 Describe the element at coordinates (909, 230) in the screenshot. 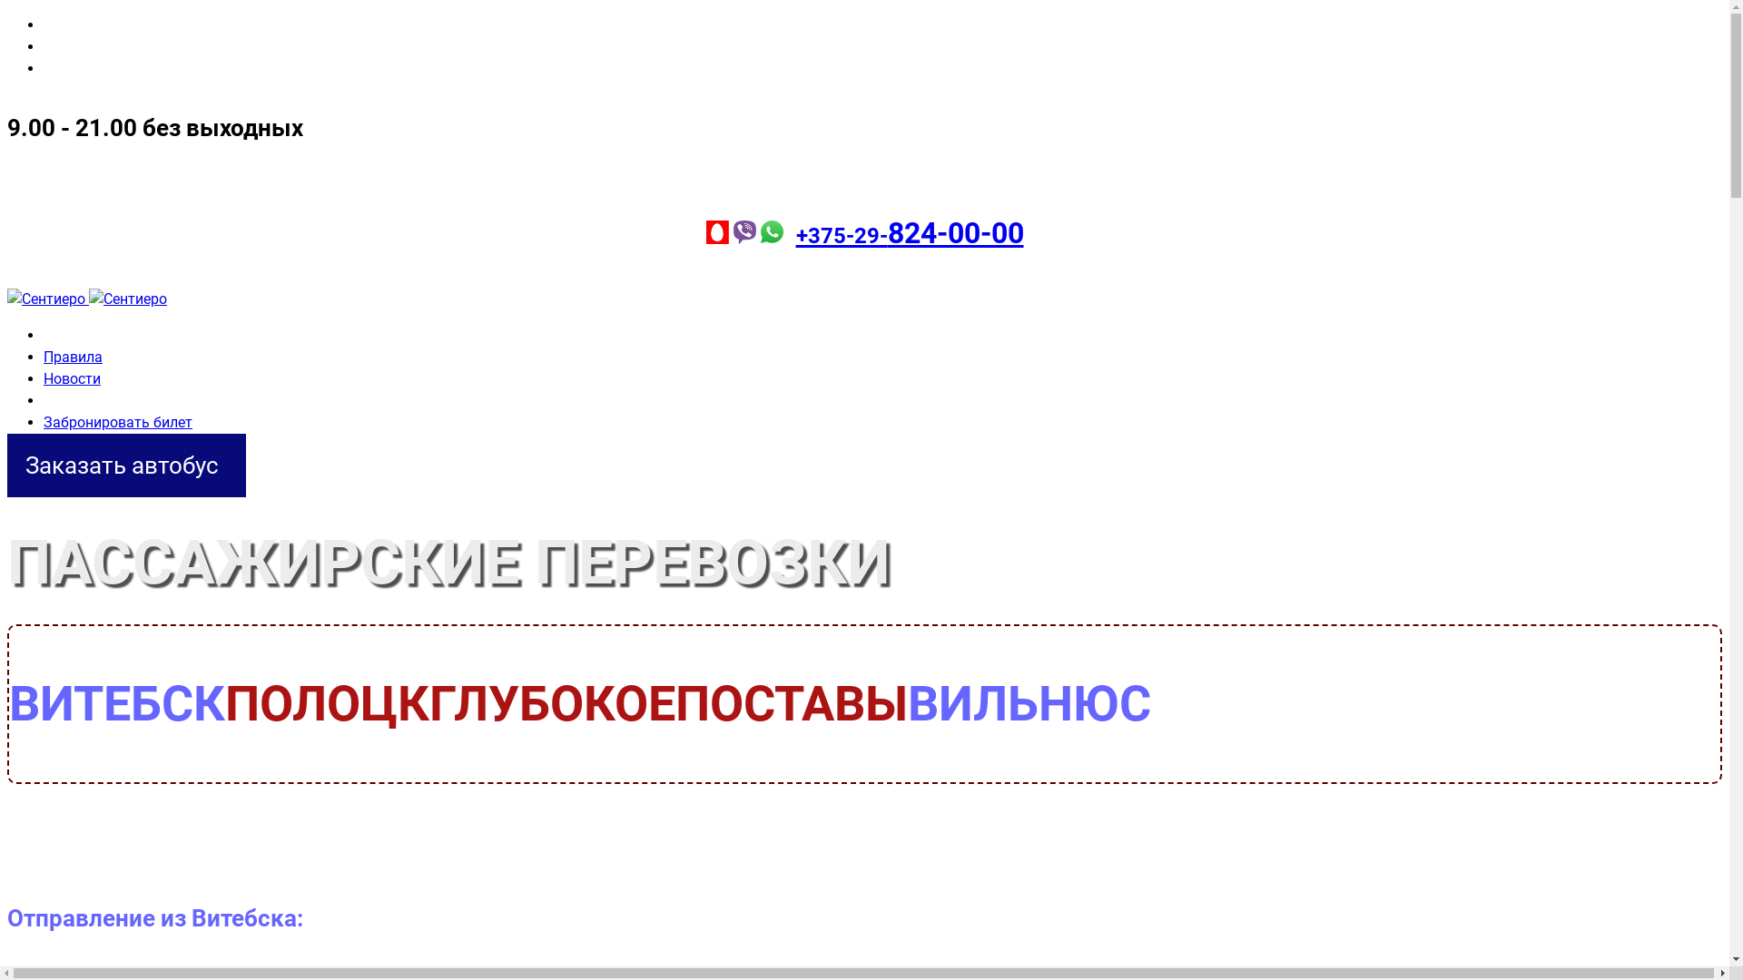

I see `'+375-29-824-00-00'` at that location.